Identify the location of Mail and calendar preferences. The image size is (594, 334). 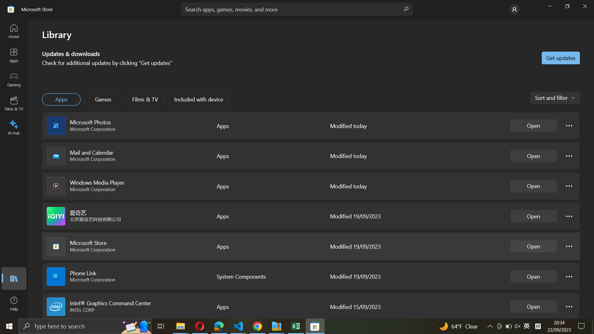
(569, 155).